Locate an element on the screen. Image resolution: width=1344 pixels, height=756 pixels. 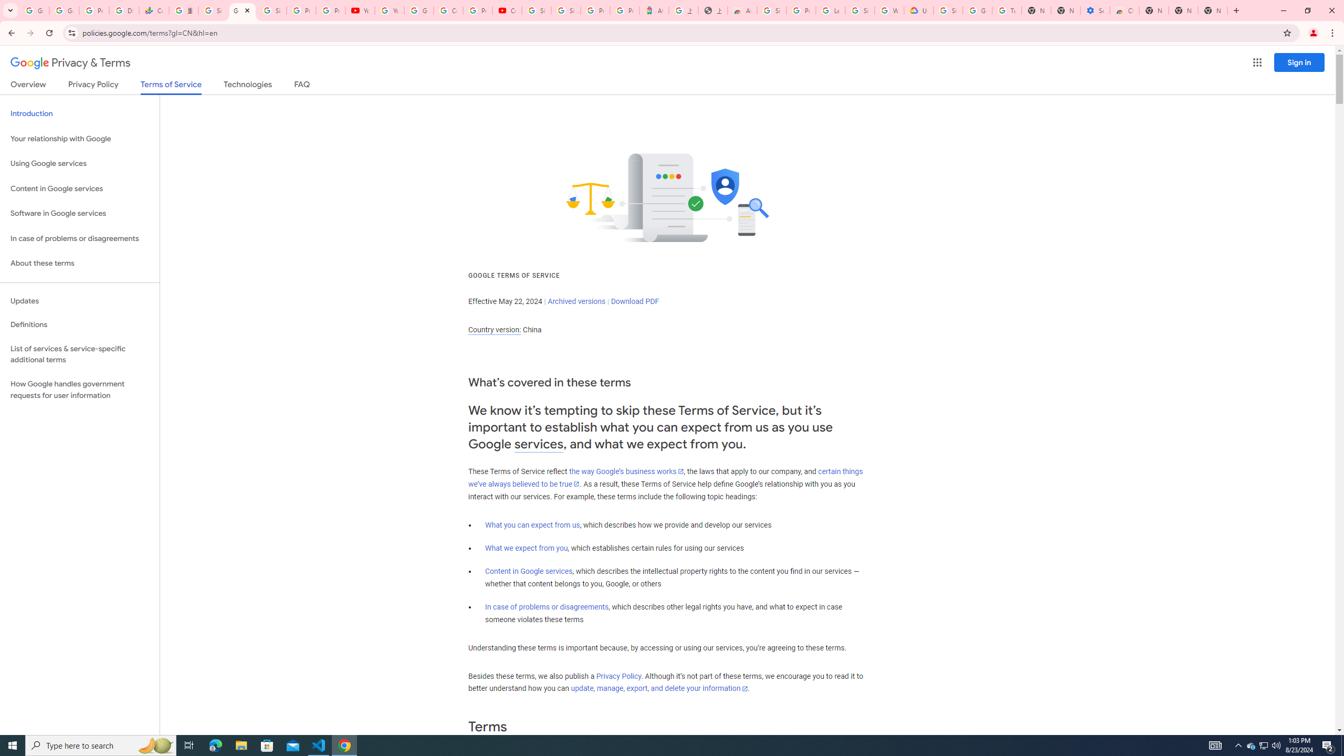
'How Google handles government requests for user information' is located at coordinates (79, 390).